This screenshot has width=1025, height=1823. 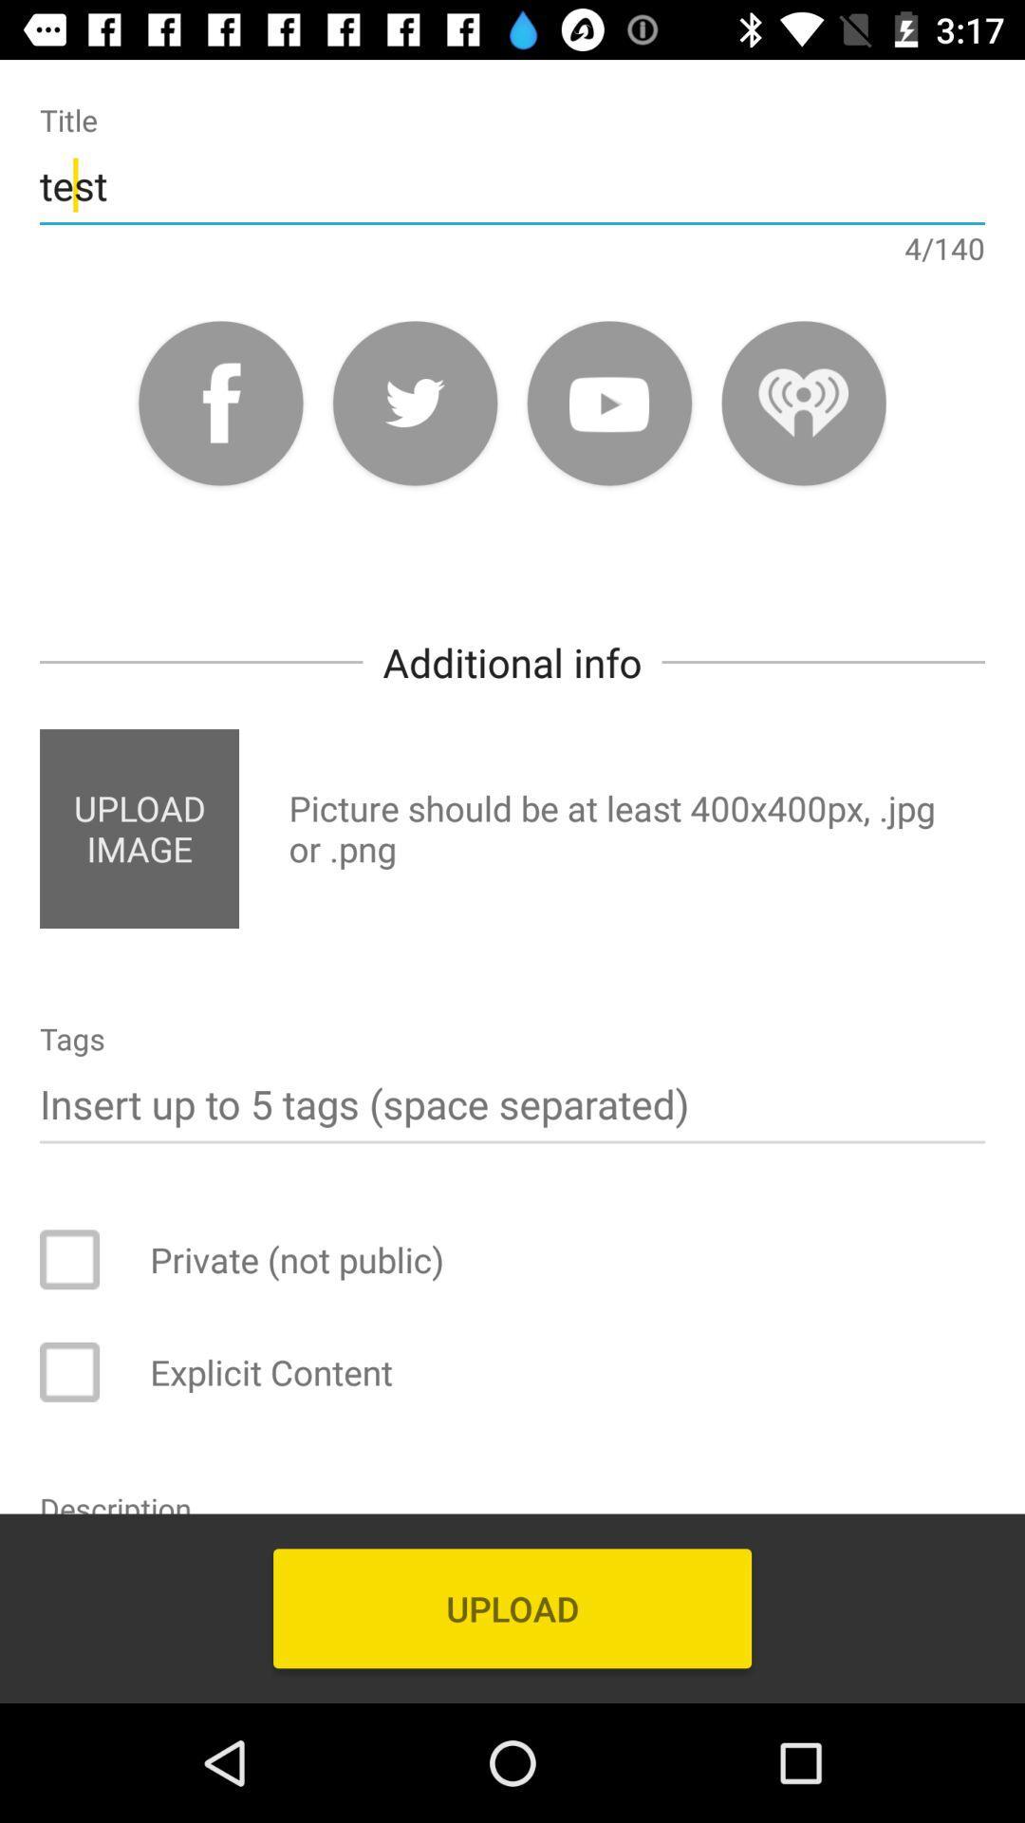 I want to click on upload image item, so click(x=138, y=829).